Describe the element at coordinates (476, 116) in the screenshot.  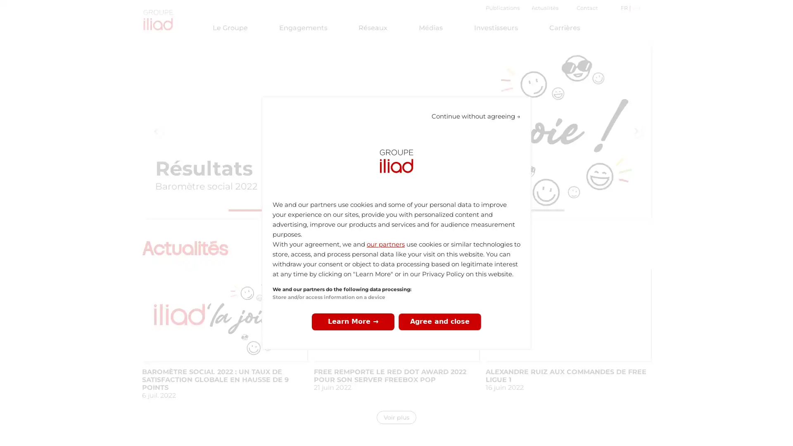
I see `Continue without agreeing` at that location.